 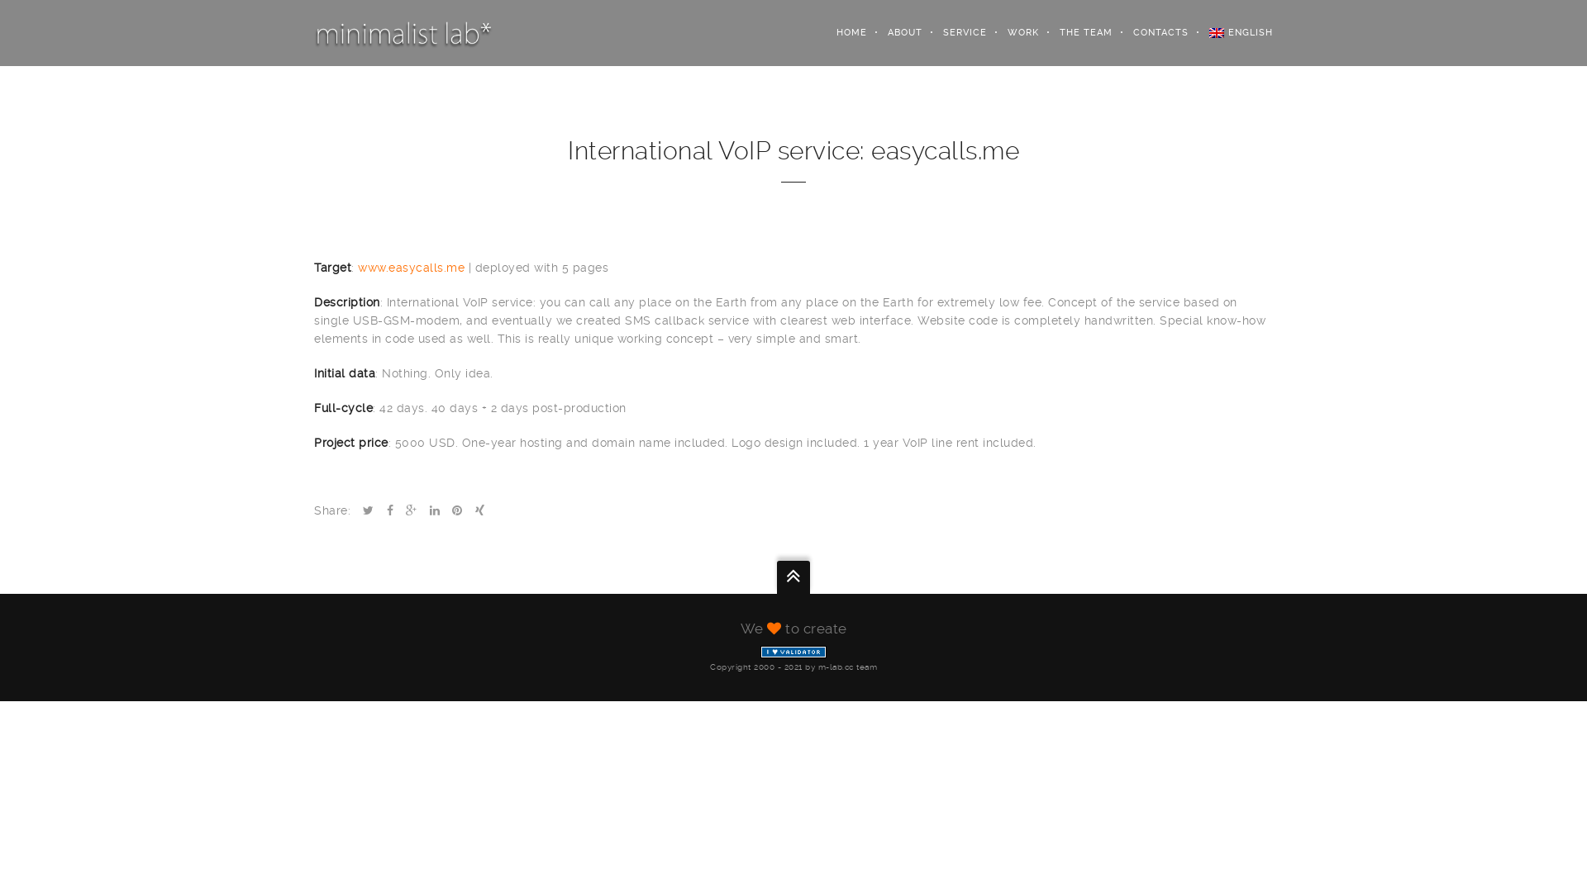 I want to click on 'THE TEAM', so click(x=1075, y=32).